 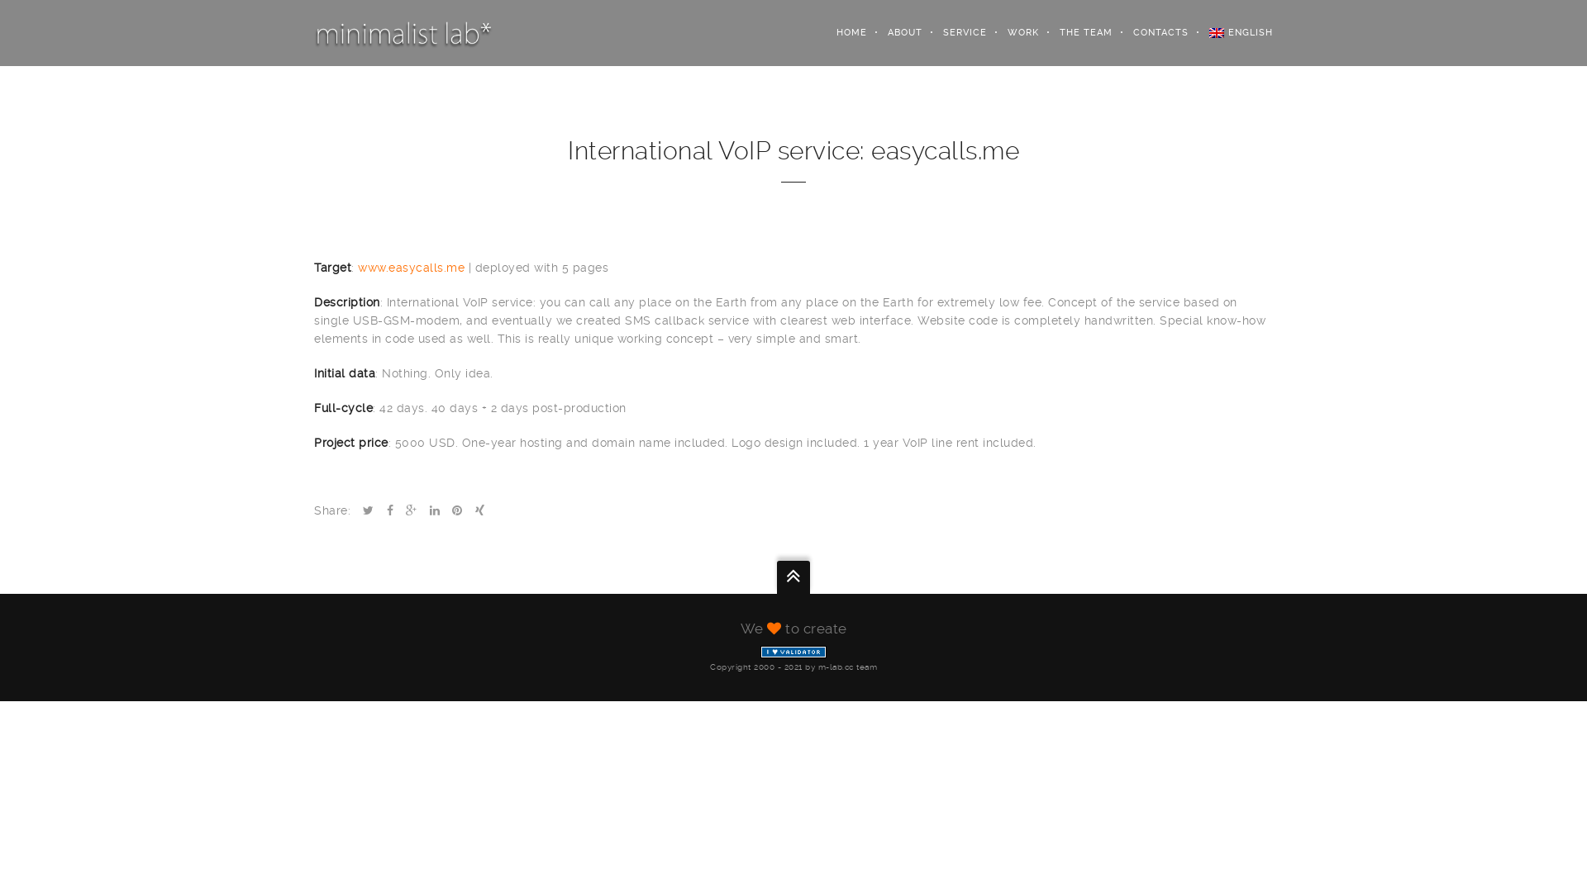 I want to click on 'THE TEAM', so click(x=1075, y=32).